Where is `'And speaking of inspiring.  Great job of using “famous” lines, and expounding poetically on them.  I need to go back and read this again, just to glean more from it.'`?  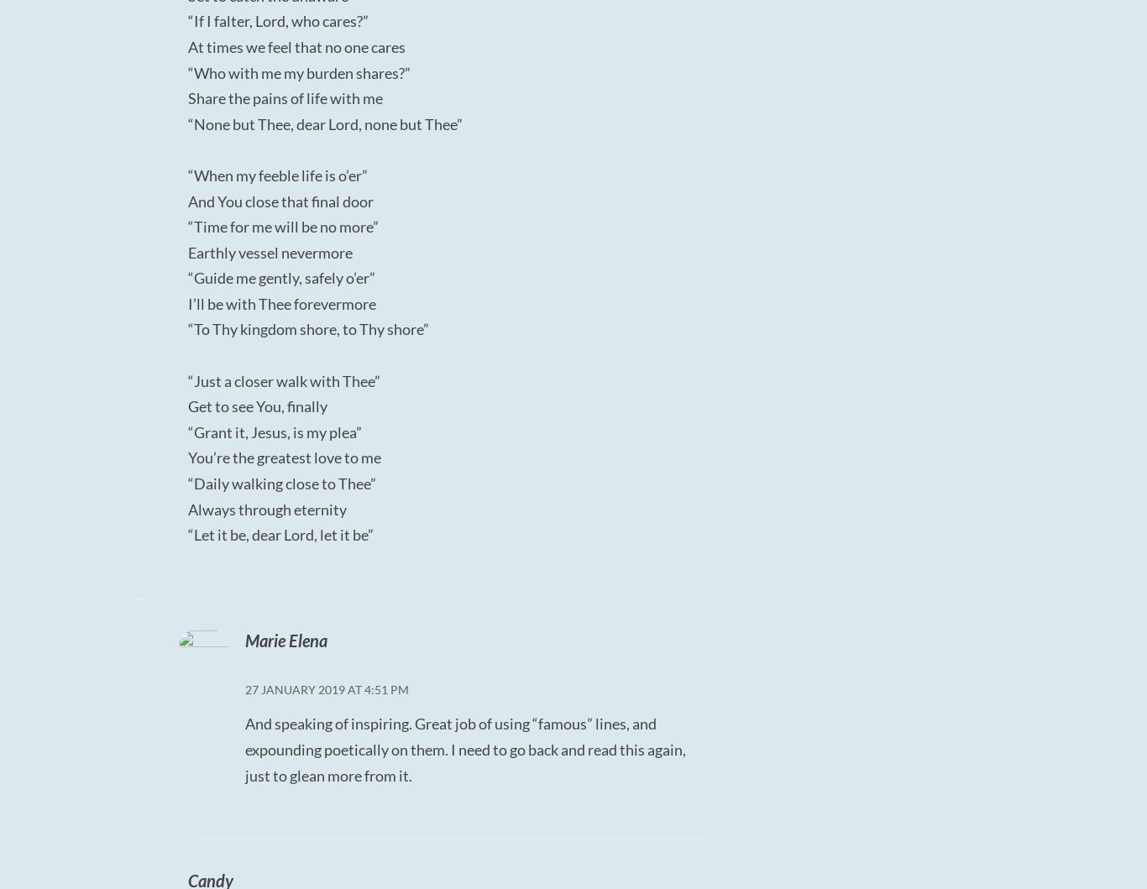
'And speaking of inspiring.  Great job of using “famous” lines, and expounding poetically on them.  I need to go back and read this again, just to glean more from it.' is located at coordinates (464, 749).